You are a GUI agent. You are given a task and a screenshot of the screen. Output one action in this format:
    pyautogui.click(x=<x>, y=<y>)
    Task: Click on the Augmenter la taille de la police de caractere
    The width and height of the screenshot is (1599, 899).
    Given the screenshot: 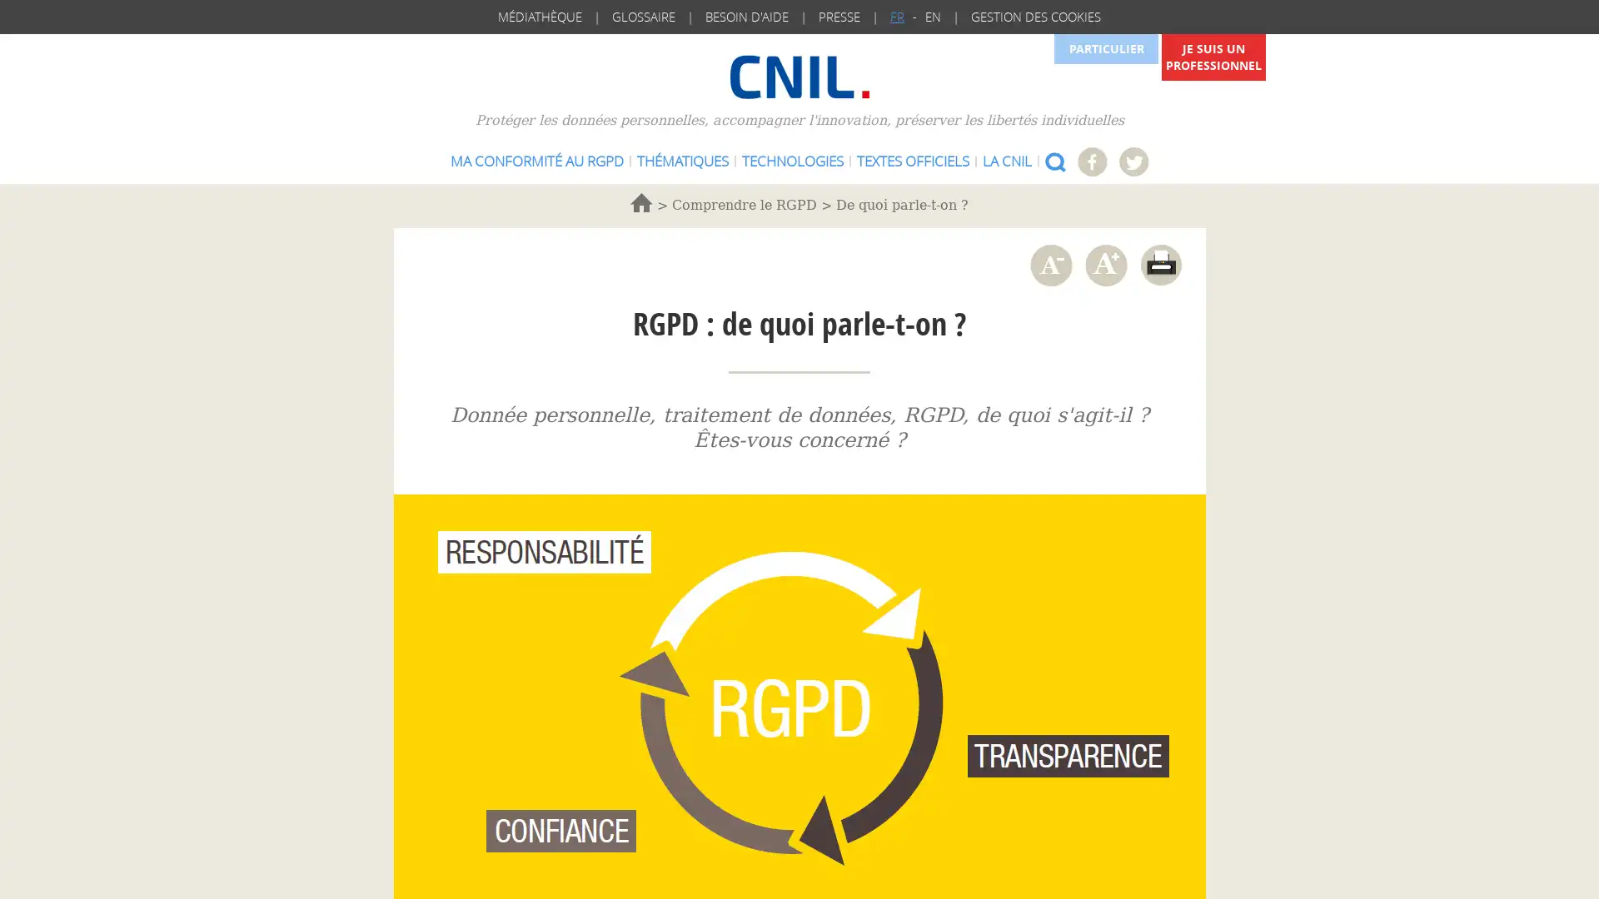 What is the action you would take?
    pyautogui.click(x=1105, y=264)
    